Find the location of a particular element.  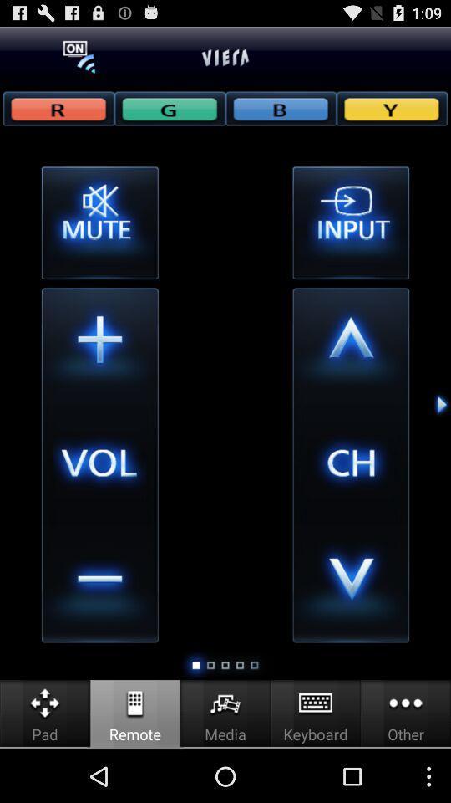

mute is located at coordinates (99, 222).